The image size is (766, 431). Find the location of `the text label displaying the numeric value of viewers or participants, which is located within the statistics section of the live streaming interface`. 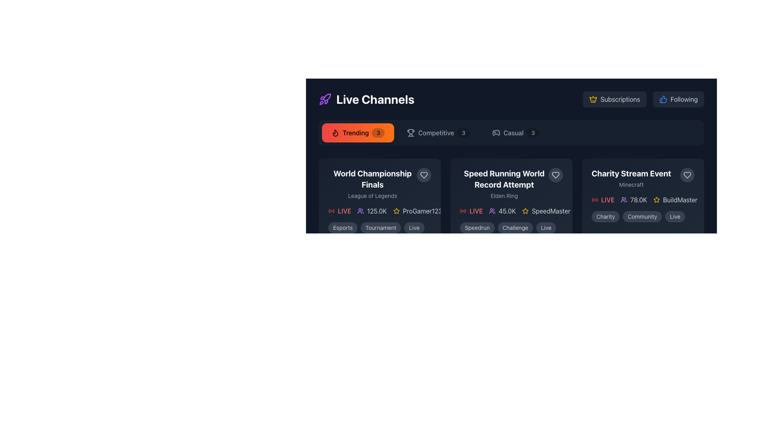

the text label displaying the numeric value of viewers or participants, which is located within the statistics section of the live streaming interface is located at coordinates (507, 210).